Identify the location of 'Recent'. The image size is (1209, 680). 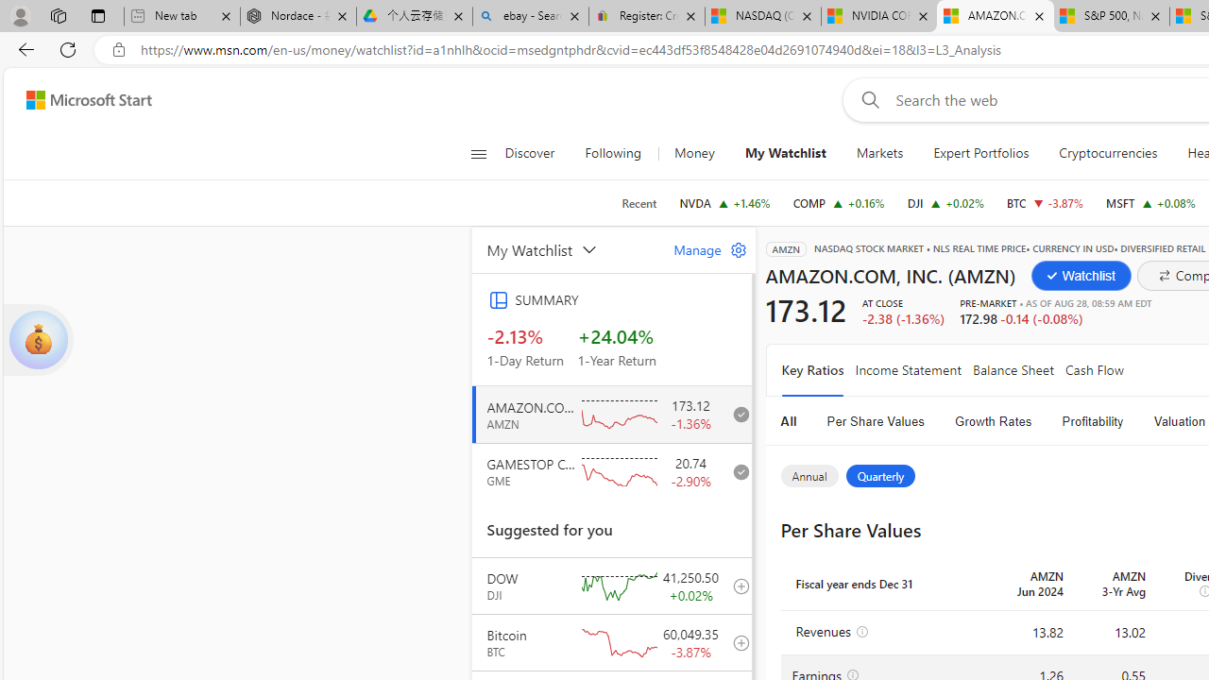
(639, 203).